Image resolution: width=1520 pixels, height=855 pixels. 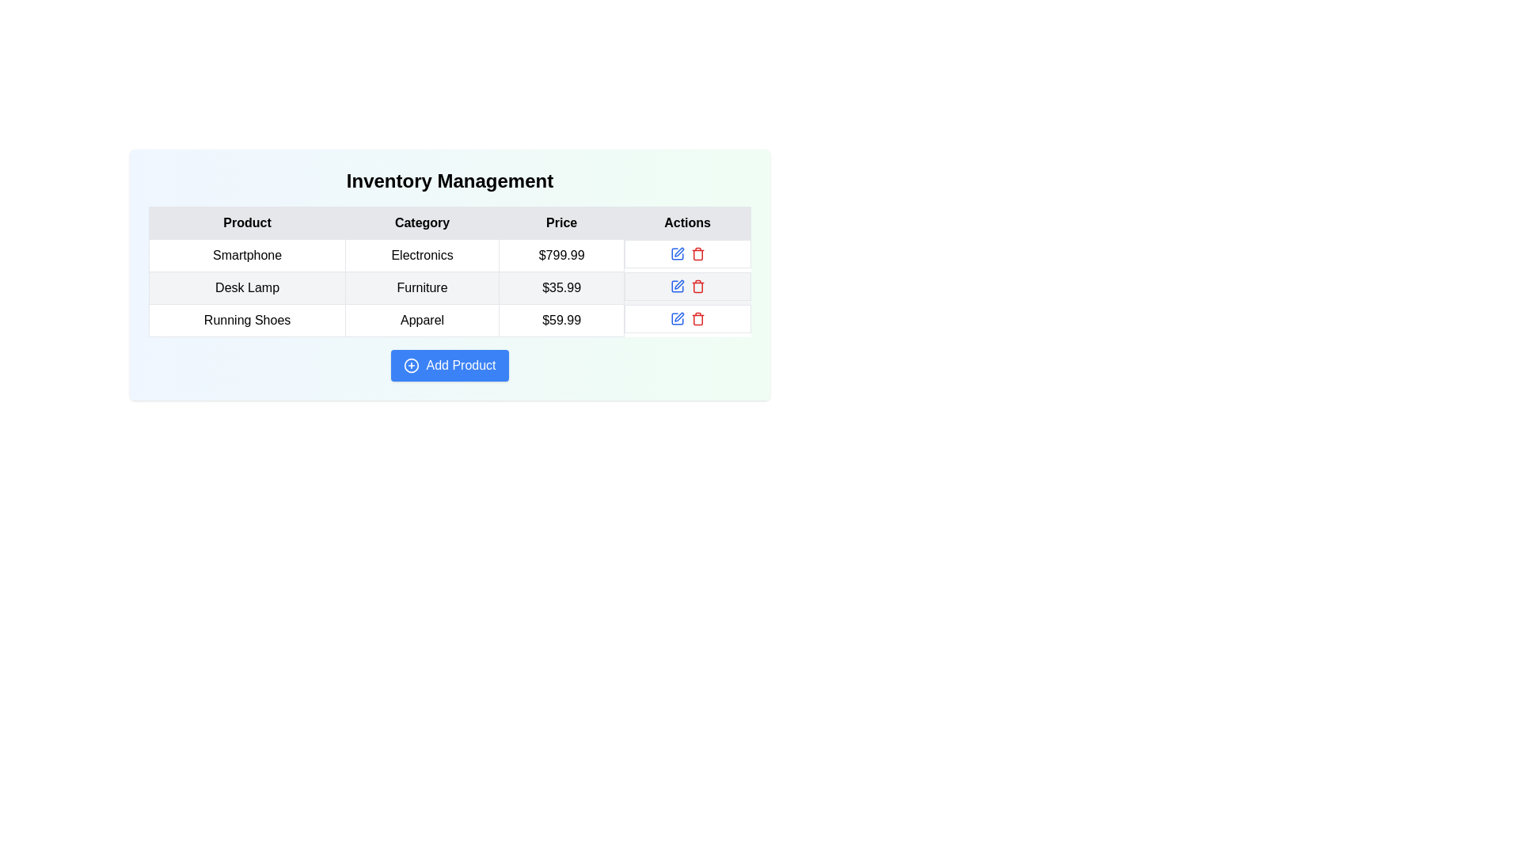 I want to click on the edit icon button located in the 'Actions' column of the second row in the table to initiate editing, so click(x=679, y=250).